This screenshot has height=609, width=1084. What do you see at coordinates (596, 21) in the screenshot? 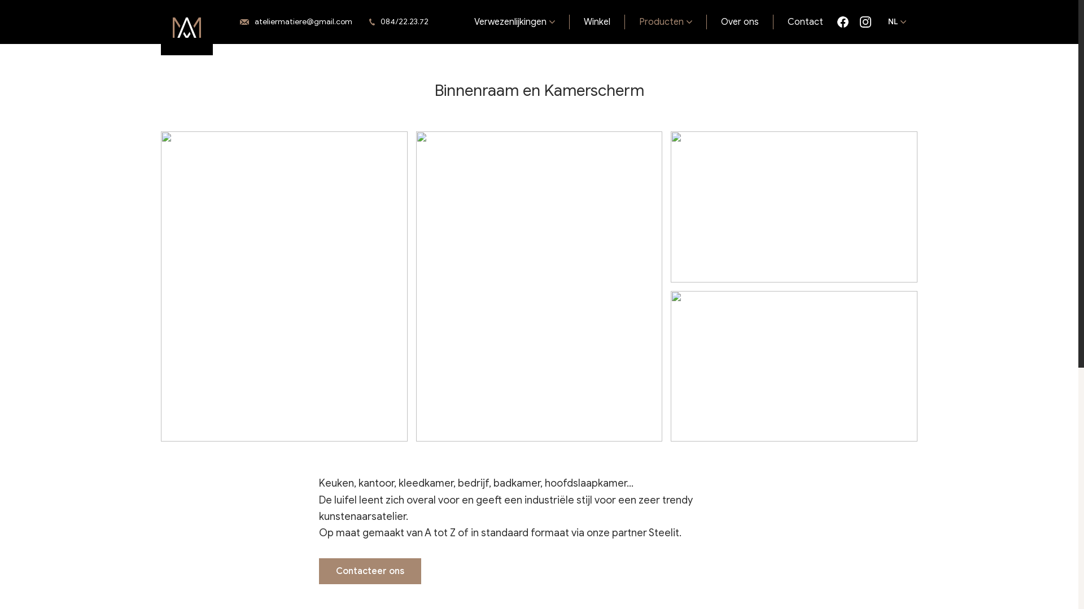
I see `'Winkel'` at bounding box center [596, 21].